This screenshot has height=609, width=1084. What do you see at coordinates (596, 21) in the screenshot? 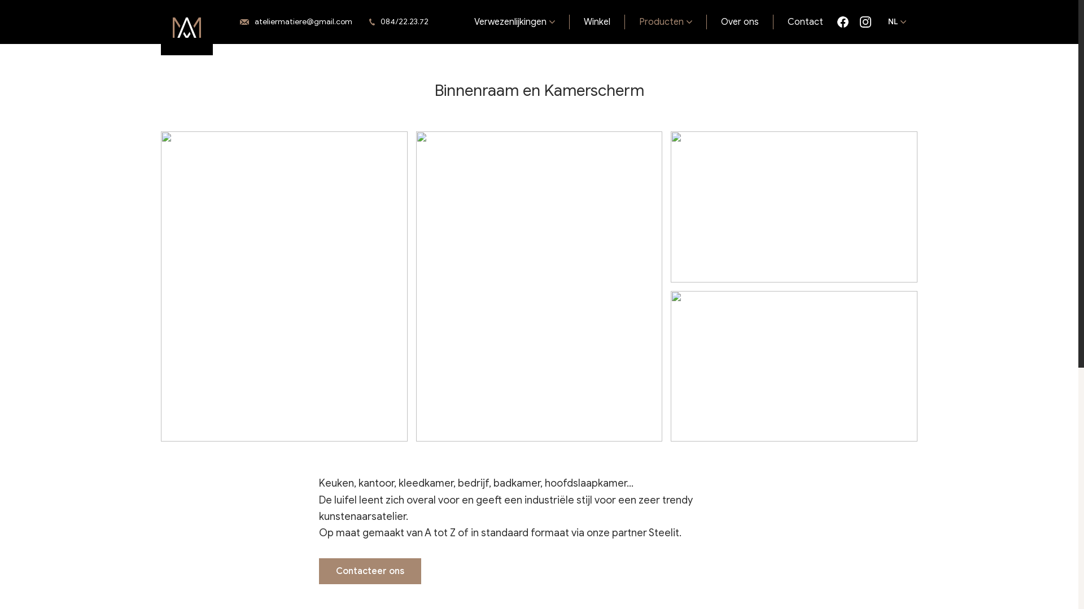
I see `'Winkel'` at bounding box center [596, 21].